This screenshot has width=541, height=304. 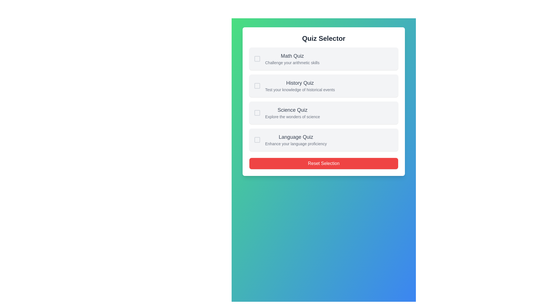 What do you see at coordinates (292, 56) in the screenshot?
I see `the text element labeled 'Math Quiz' to select it` at bounding box center [292, 56].